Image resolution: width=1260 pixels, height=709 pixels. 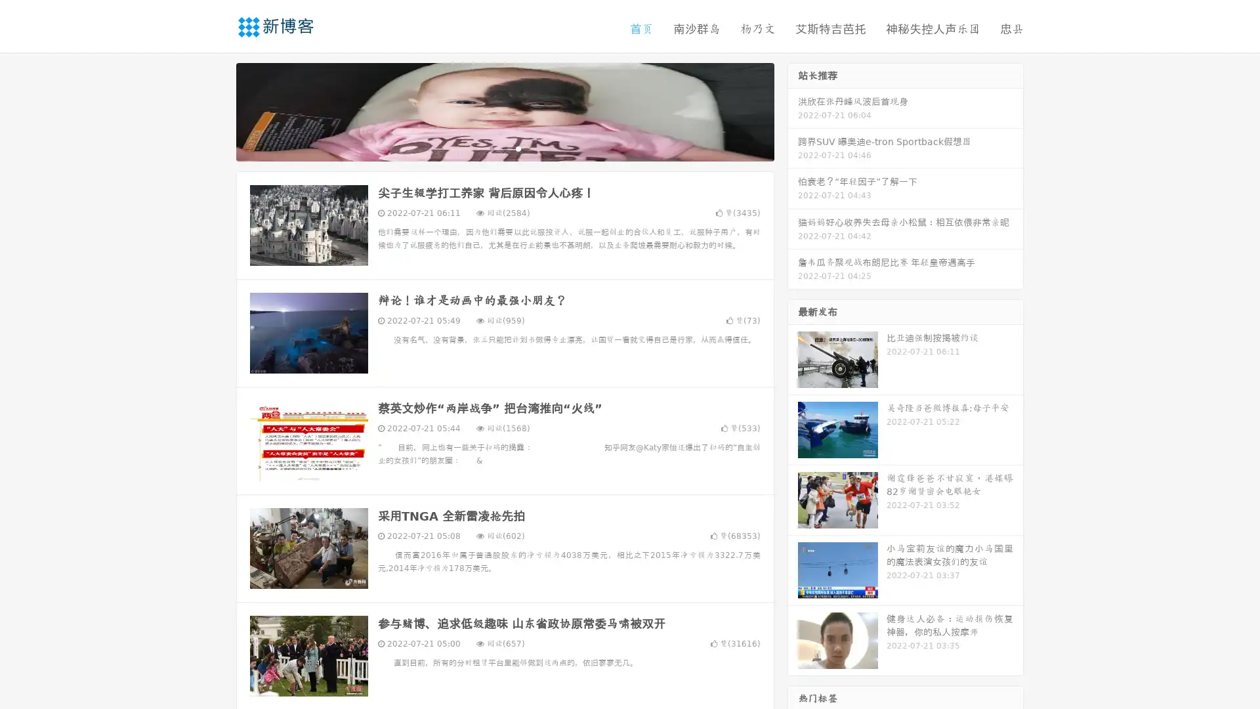 I want to click on Go to slide 1, so click(x=491, y=148).